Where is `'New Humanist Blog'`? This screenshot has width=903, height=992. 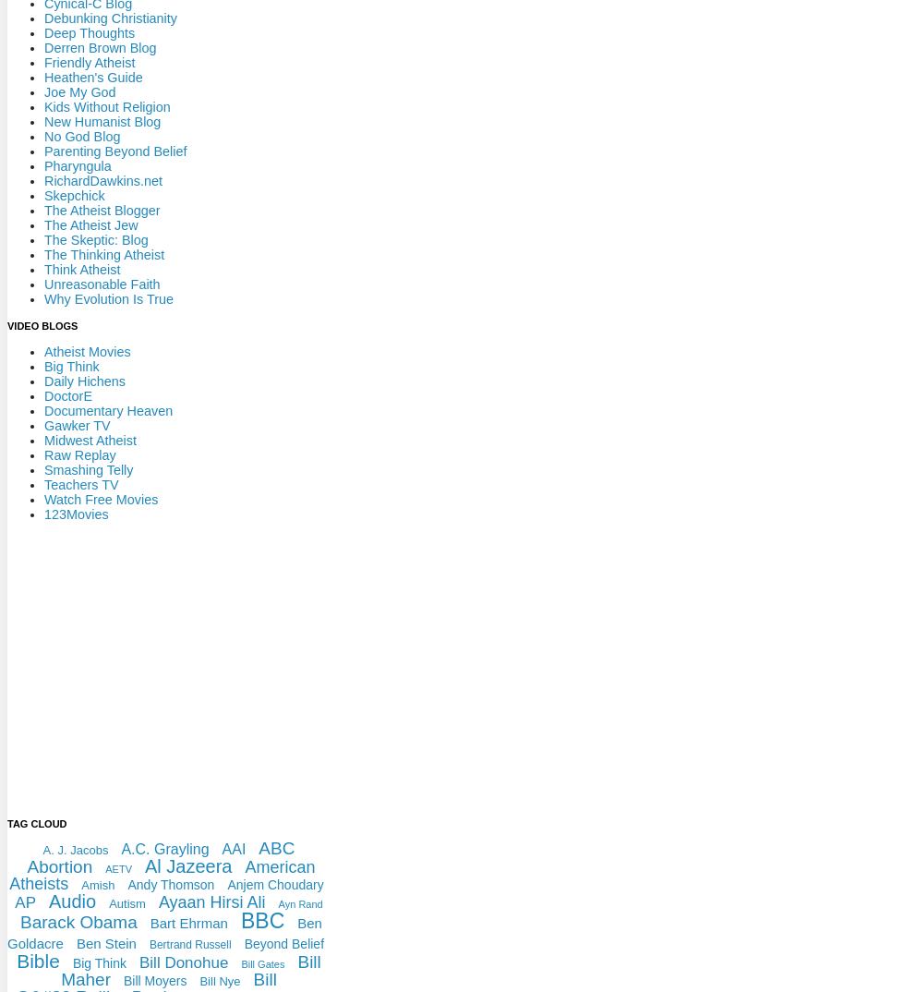 'New Humanist Blog' is located at coordinates (102, 120).